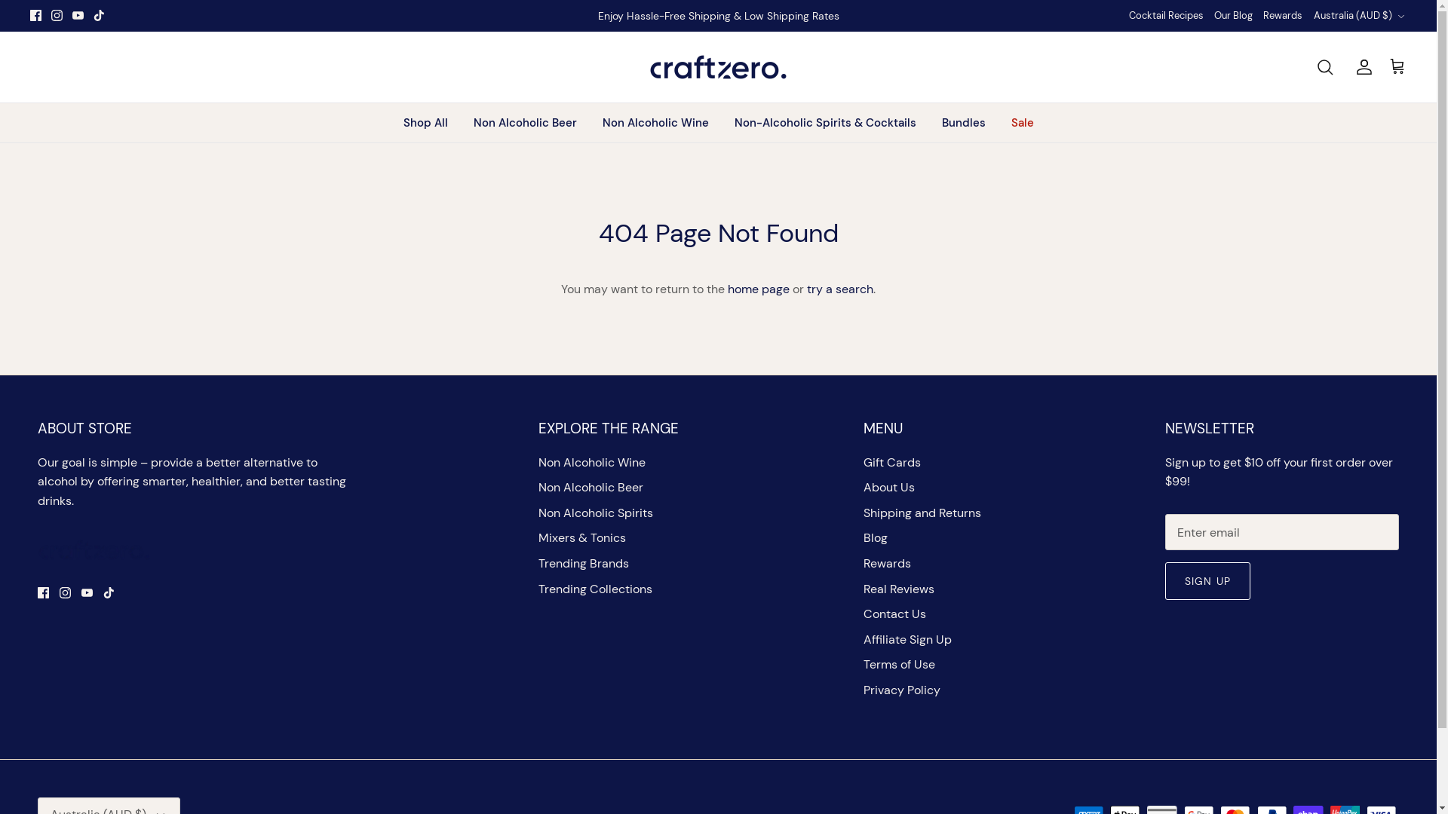 This screenshot has height=814, width=1448. What do you see at coordinates (1023, 122) in the screenshot?
I see `'Sale'` at bounding box center [1023, 122].